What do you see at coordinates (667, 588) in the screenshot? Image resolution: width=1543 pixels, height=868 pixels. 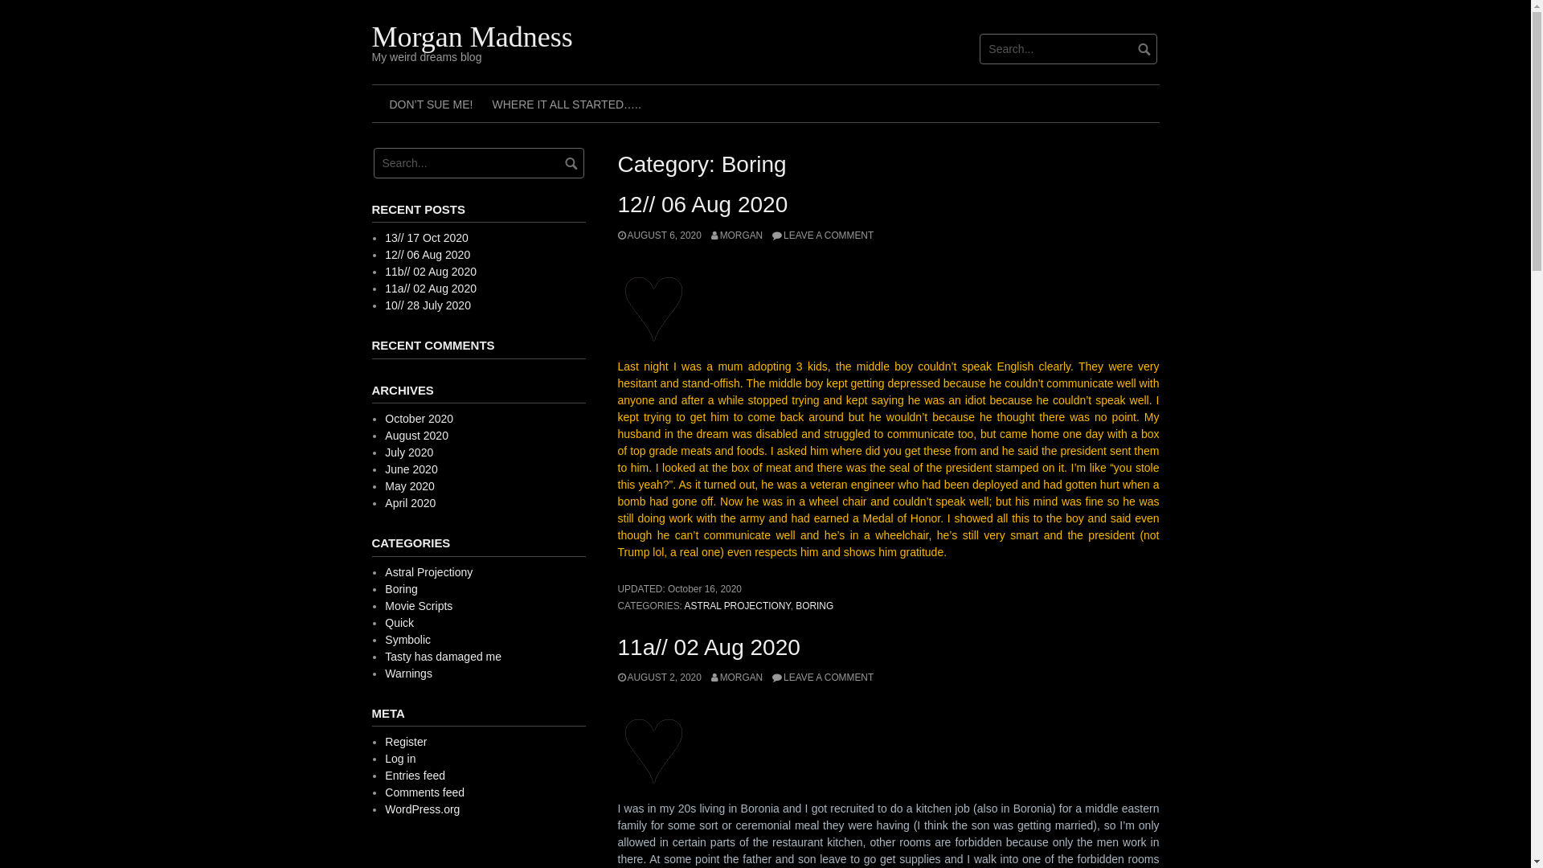 I see `'October 16, 2020'` at bounding box center [667, 588].